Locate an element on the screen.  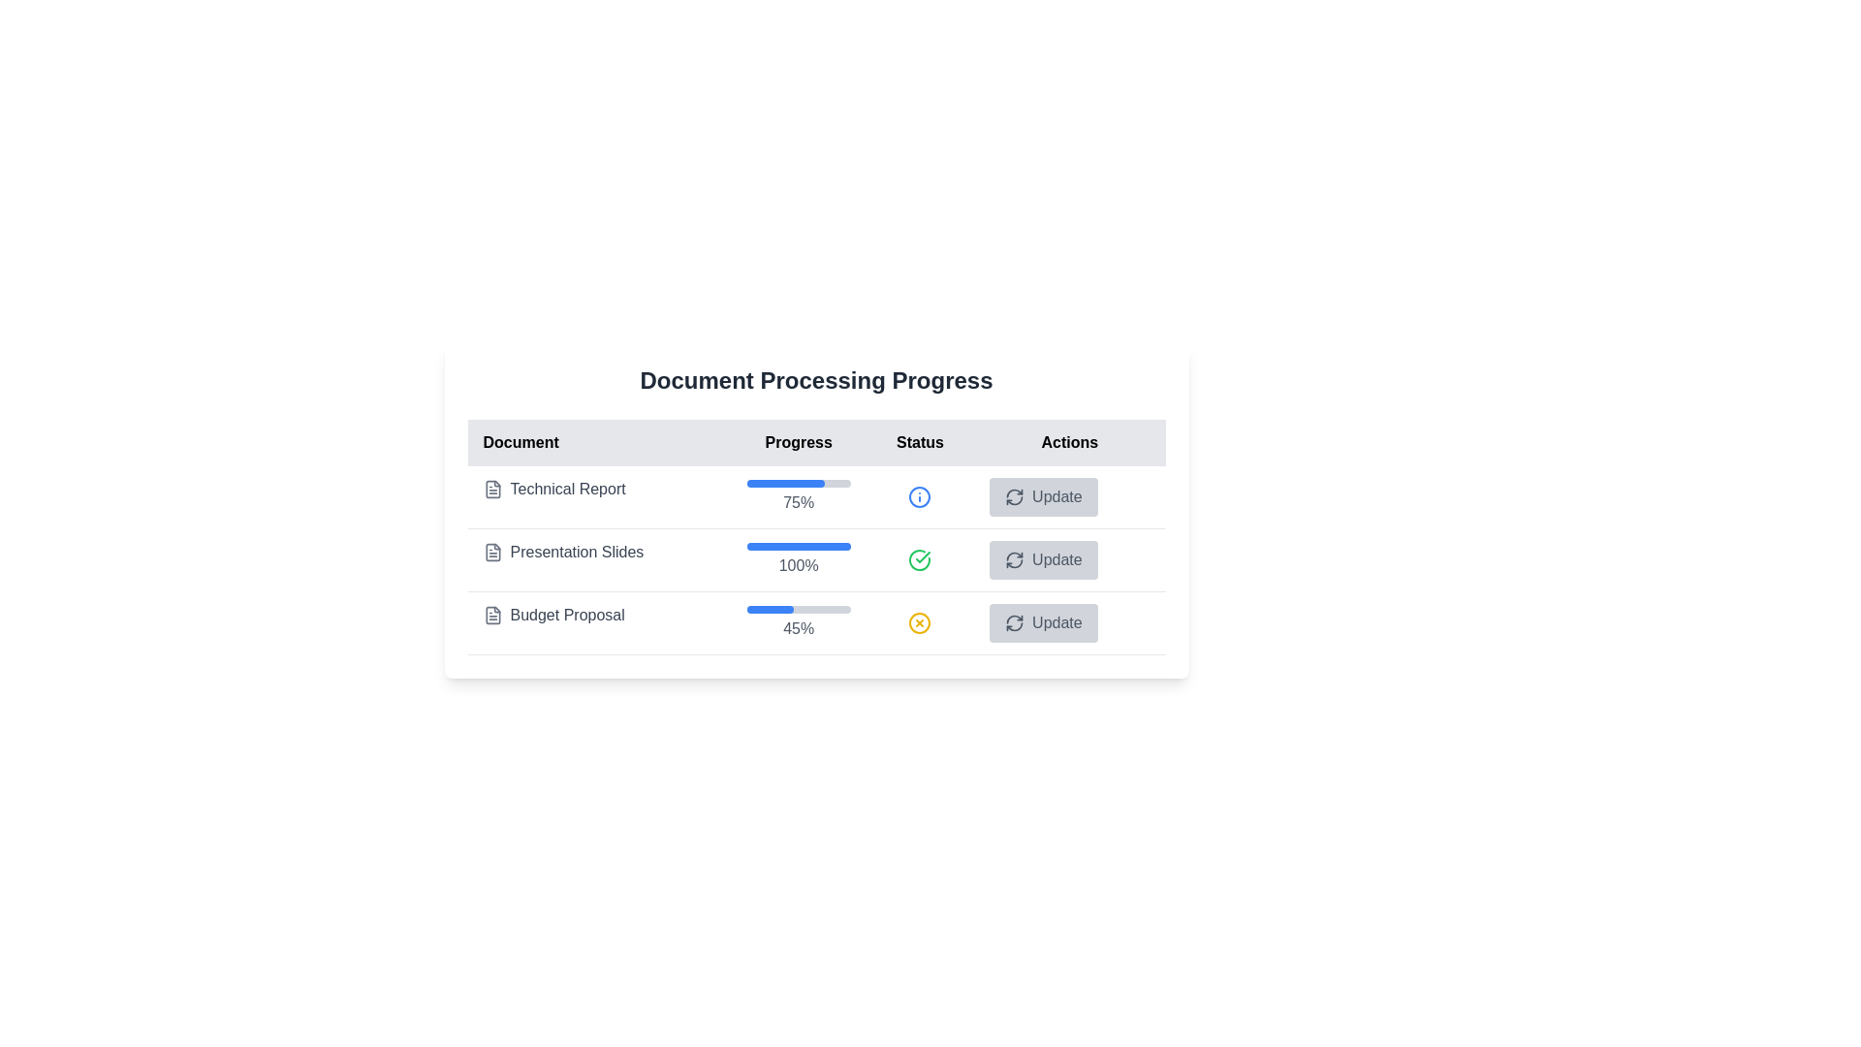
the button containing the refresh icon next to the 'Update' label to interact via keyboard is located at coordinates (1014, 496).